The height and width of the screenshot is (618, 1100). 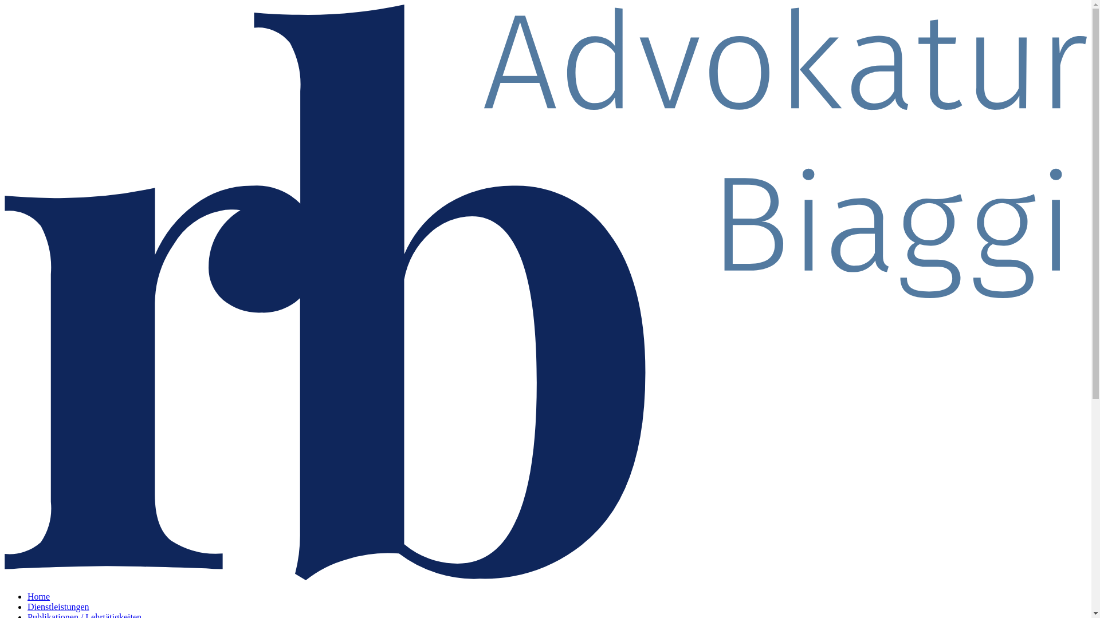 What do you see at coordinates (57, 606) in the screenshot?
I see `'Dienstleistungen'` at bounding box center [57, 606].